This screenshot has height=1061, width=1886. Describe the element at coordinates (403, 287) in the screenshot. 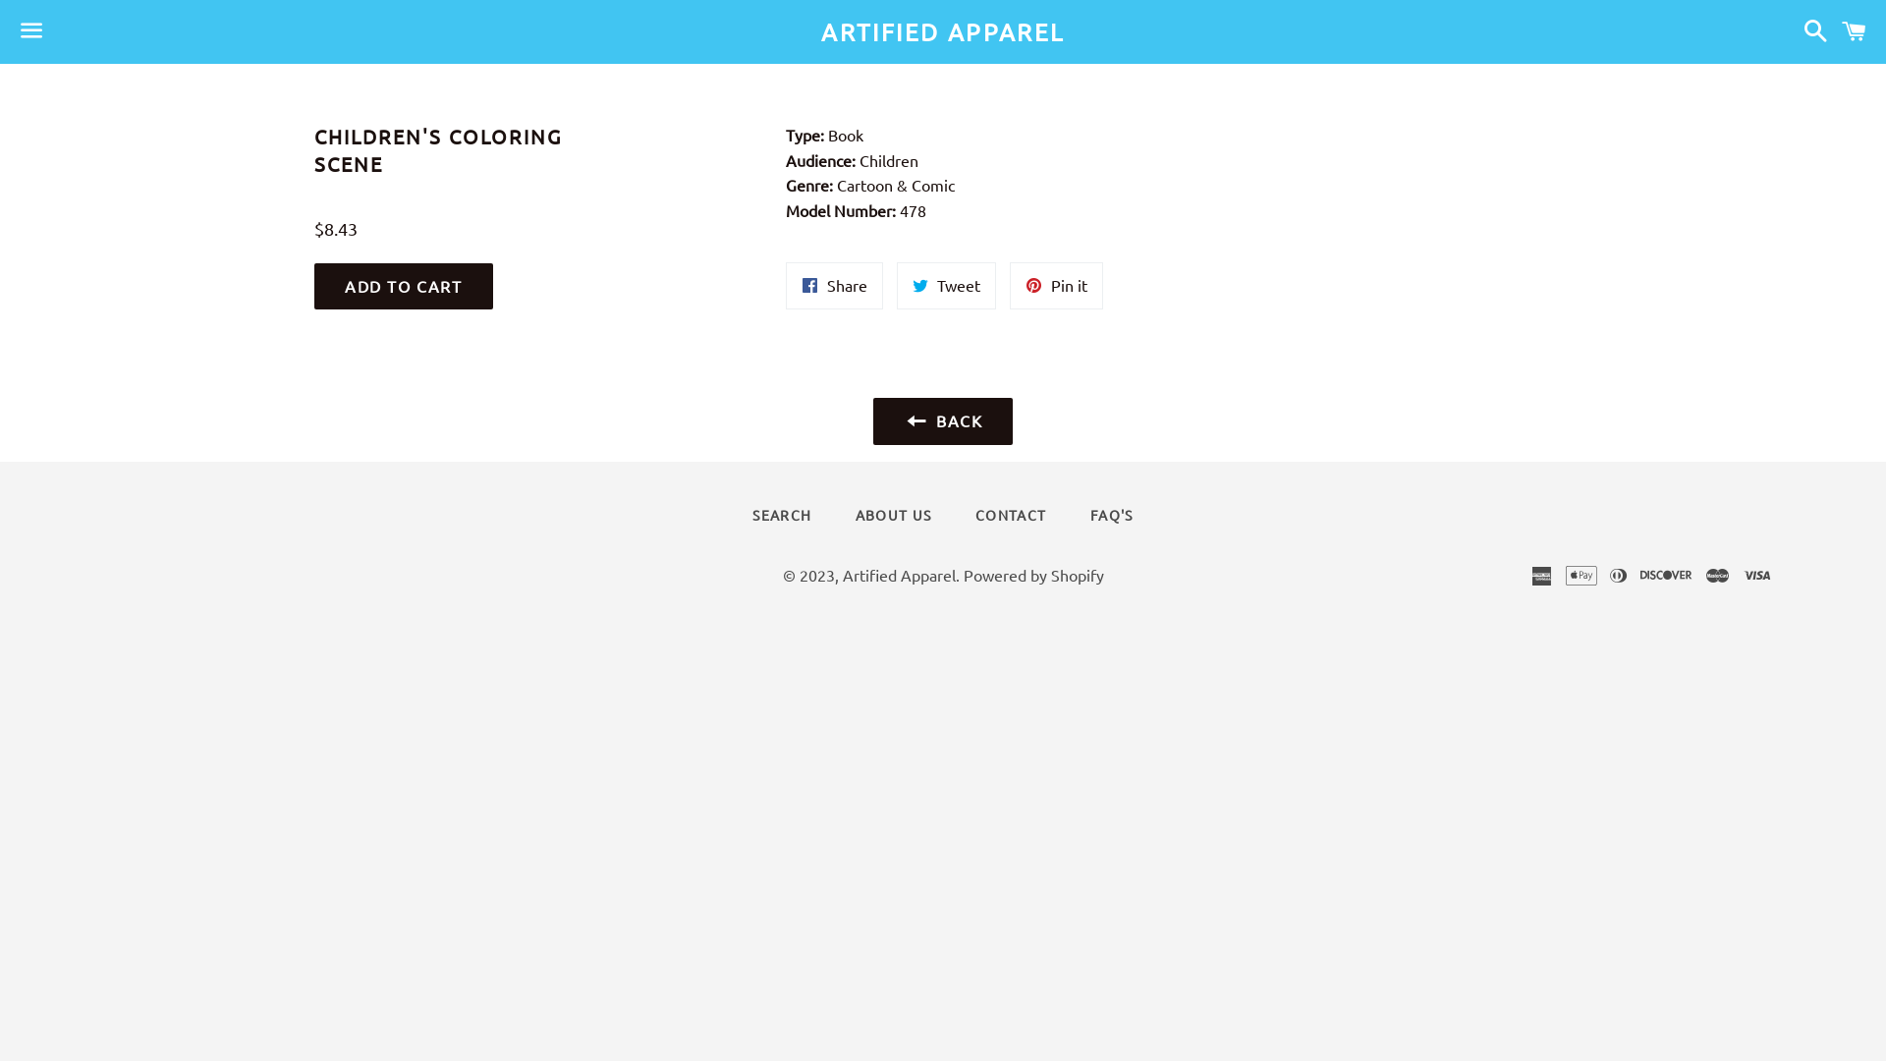

I see `'ADD TO CART'` at that location.